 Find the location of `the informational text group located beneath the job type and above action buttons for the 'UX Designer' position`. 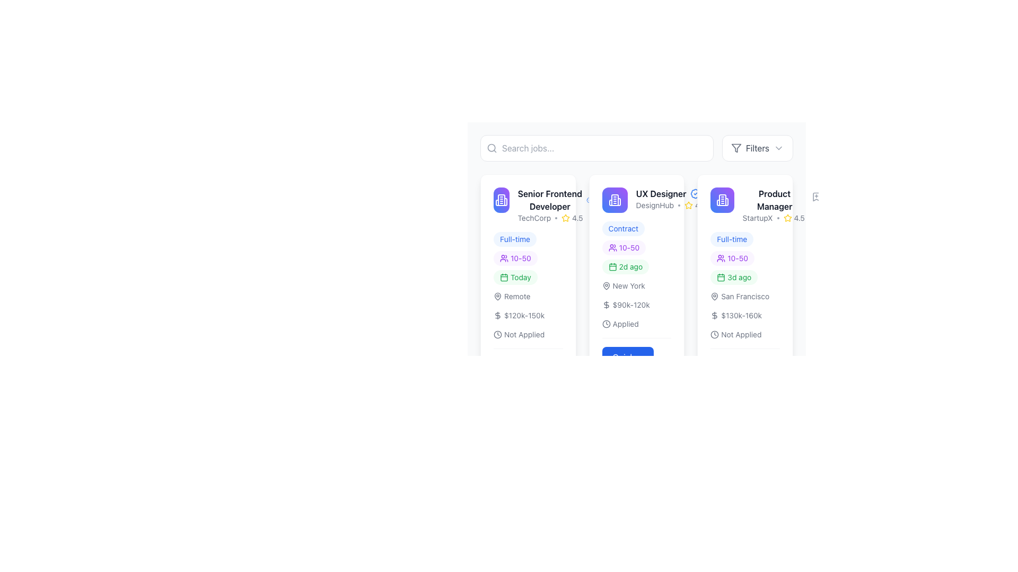

the informational text group located beneath the job type and above action buttons for the 'UX Designer' position is located at coordinates (636, 305).